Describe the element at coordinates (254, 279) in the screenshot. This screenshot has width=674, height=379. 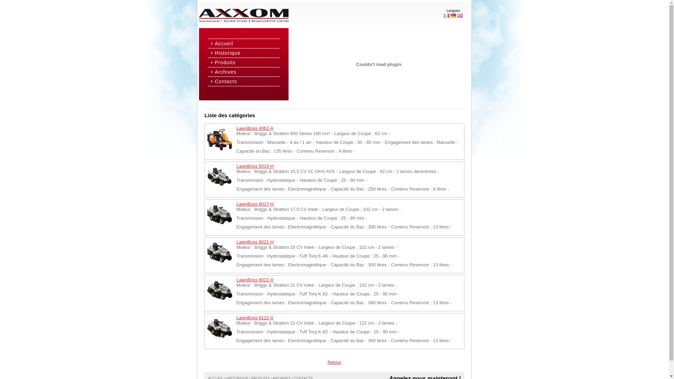
I see `'LawnBoss 8022-X'` at that location.